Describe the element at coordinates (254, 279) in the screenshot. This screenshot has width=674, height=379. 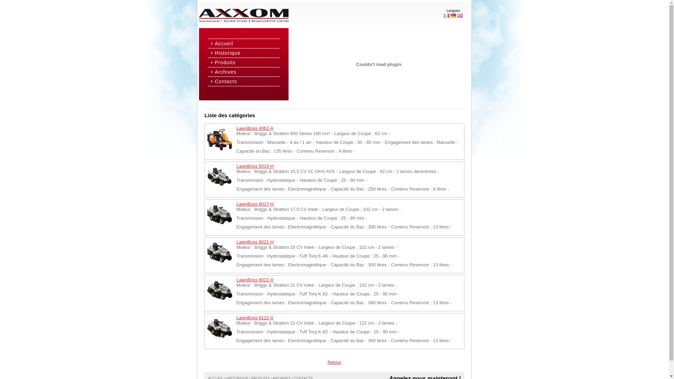
I see `'LawnBoss 8022-X'` at that location.